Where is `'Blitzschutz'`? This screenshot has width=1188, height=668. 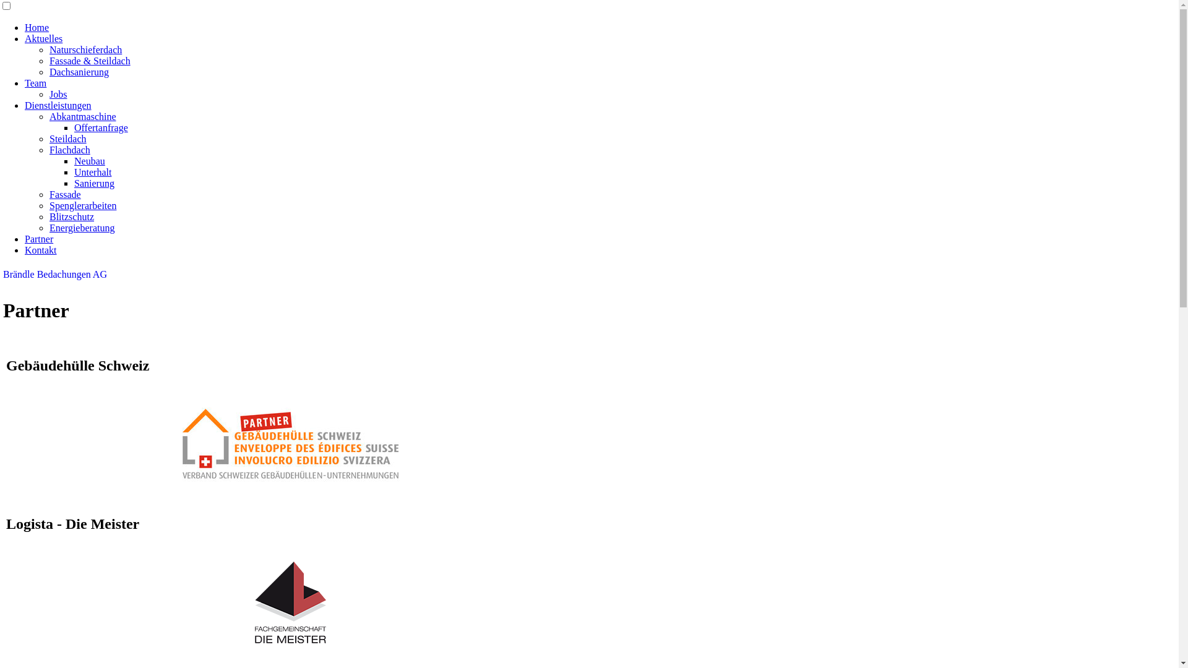 'Blitzschutz' is located at coordinates (71, 216).